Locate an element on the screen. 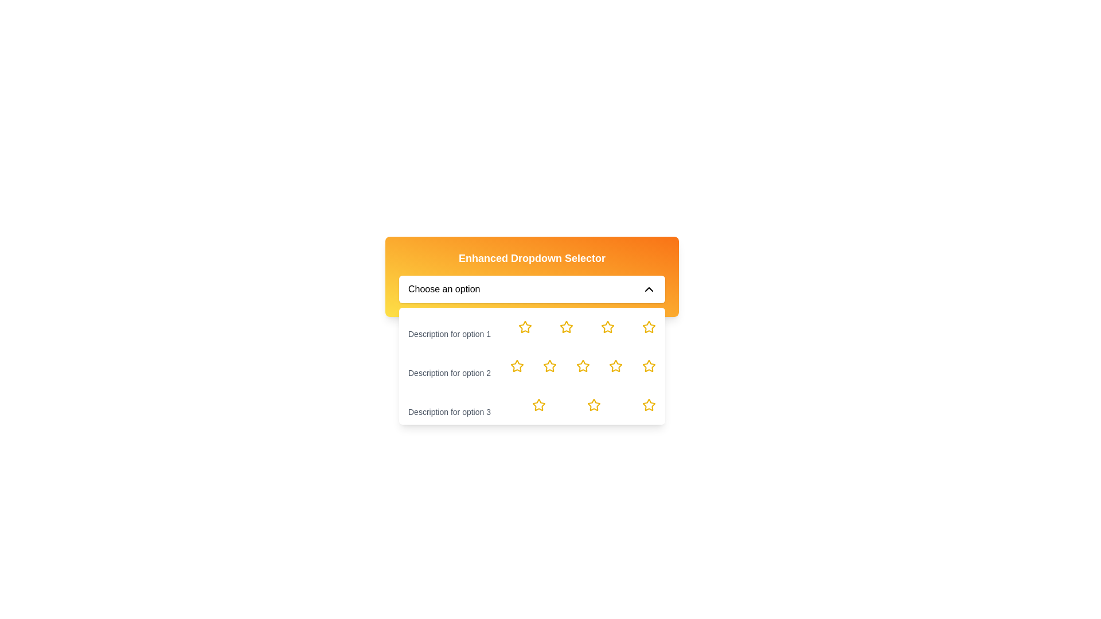 This screenshot has width=1101, height=619. the first star icon in the row associated with 'Description for option 1' is located at coordinates (525, 327).